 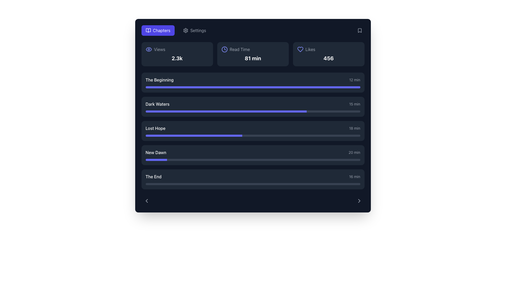 I want to click on text content of the text label indicating the duration of reading time, which is located in the upper part of the interface under the 'Read Time' label, so click(x=253, y=58).